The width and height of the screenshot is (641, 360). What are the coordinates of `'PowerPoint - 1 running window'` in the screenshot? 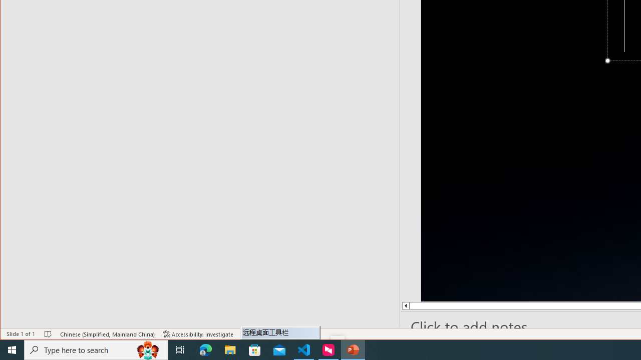 It's located at (353, 349).